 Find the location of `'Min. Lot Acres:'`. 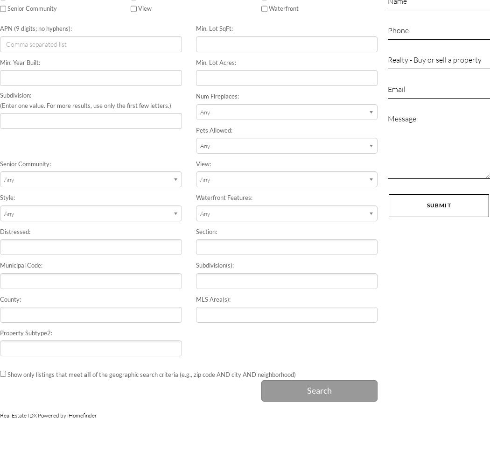

'Min. Lot Acres:' is located at coordinates (216, 62).